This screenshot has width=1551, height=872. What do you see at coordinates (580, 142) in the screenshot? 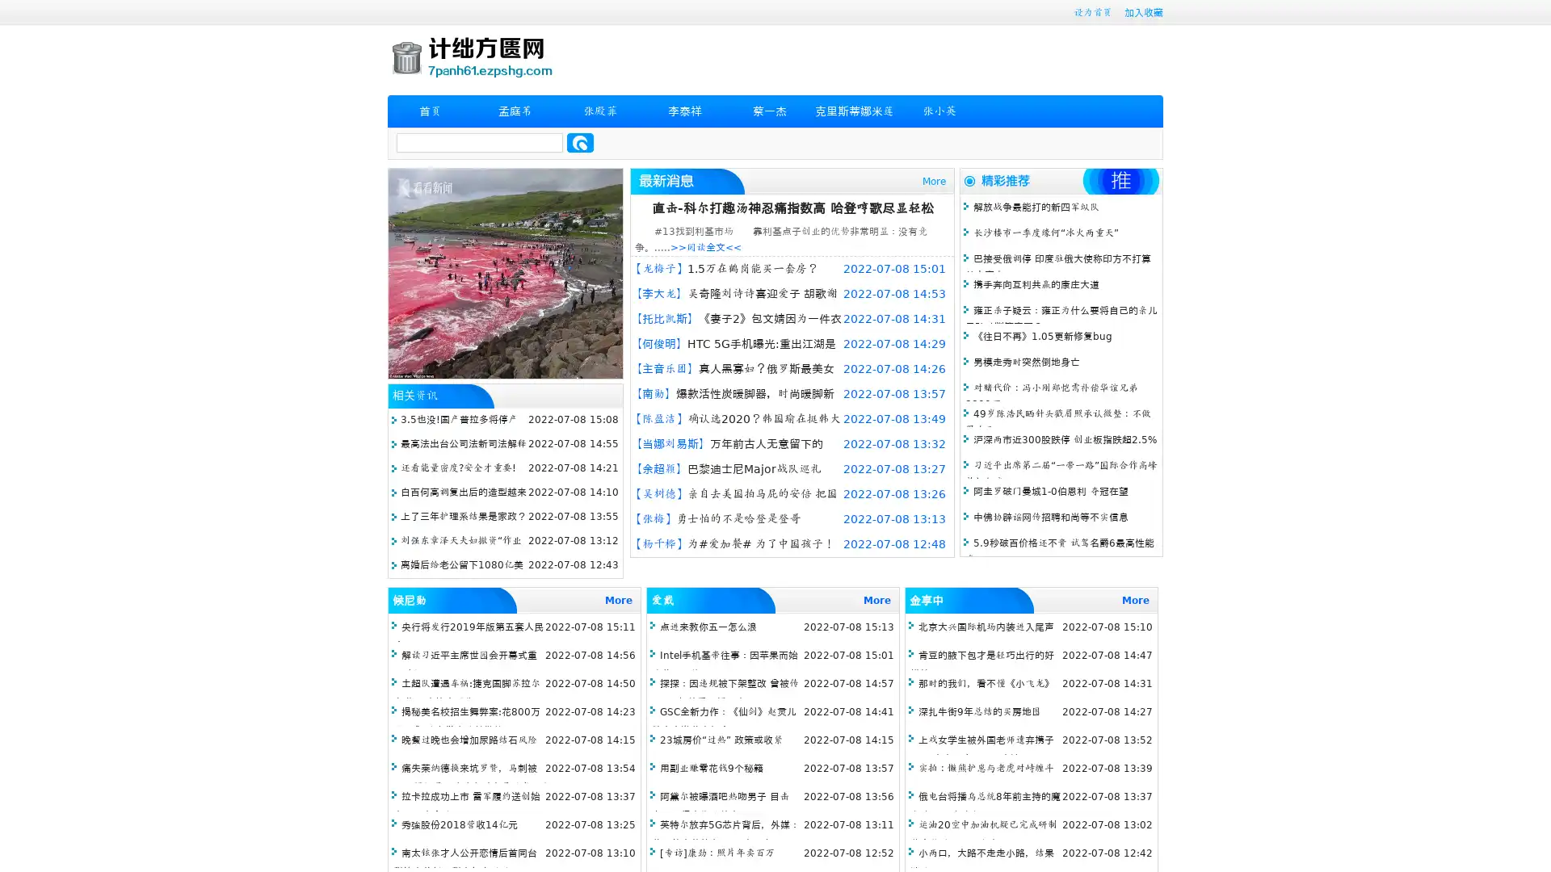
I see `Search` at bounding box center [580, 142].